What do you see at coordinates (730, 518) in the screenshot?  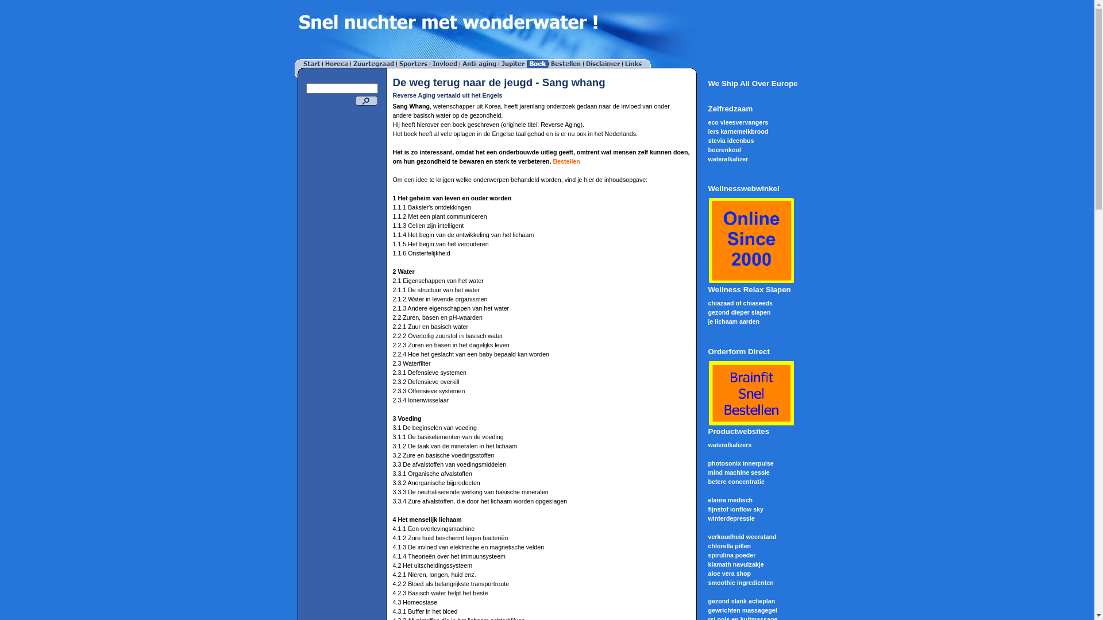 I see `'winterdepressie'` at bounding box center [730, 518].